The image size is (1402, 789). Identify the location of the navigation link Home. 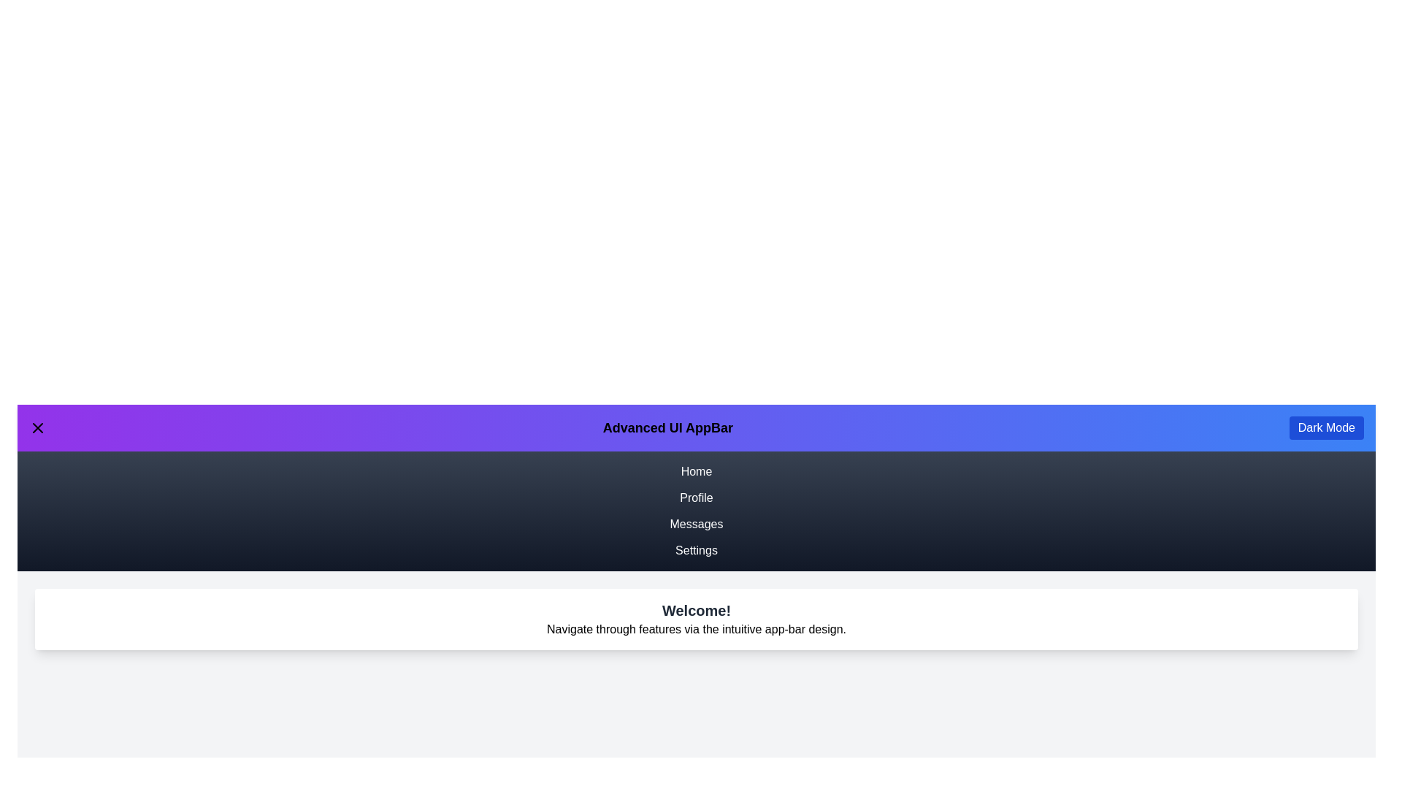
(696, 471).